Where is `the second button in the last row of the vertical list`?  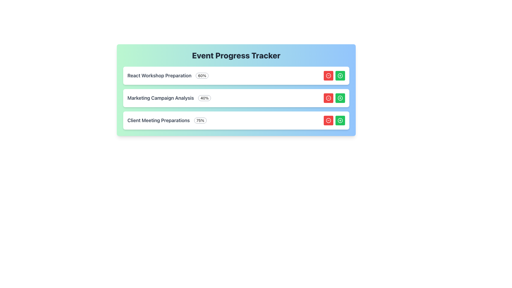
the second button in the last row of the vertical list is located at coordinates (340, 120).